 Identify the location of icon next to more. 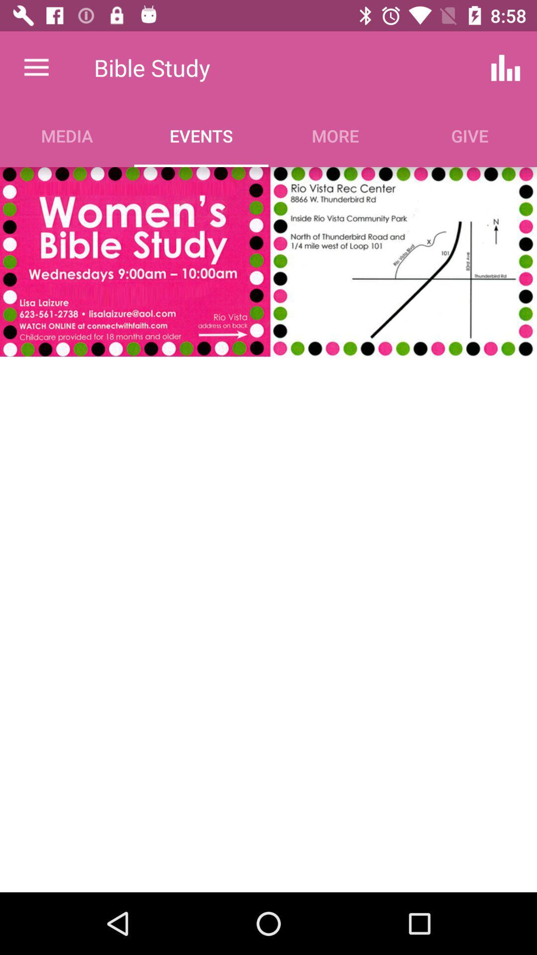
(506, 67).